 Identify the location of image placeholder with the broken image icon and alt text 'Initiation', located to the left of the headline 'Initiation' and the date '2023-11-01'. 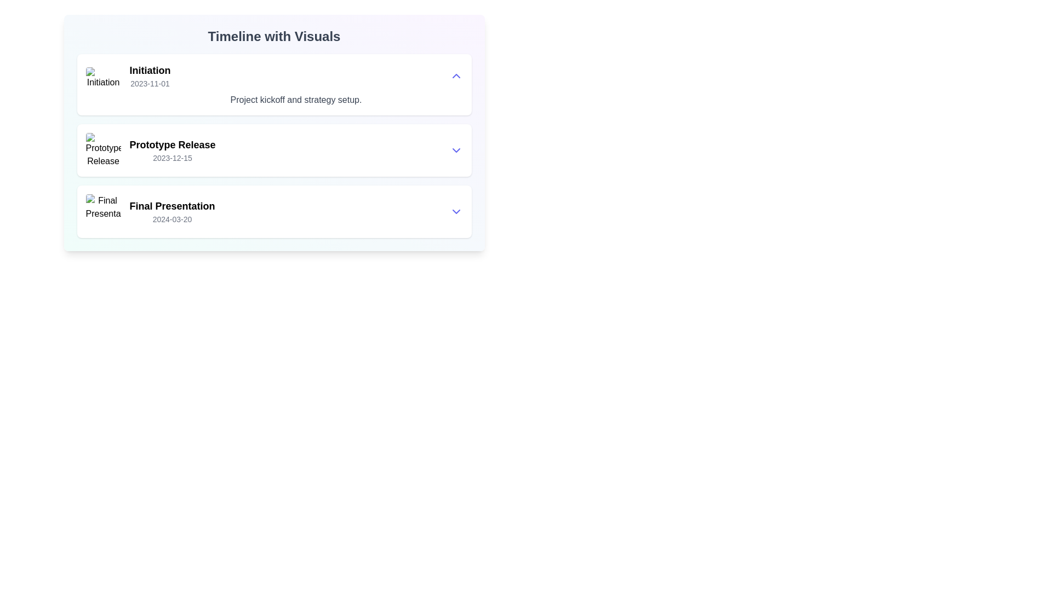
(103, 84).